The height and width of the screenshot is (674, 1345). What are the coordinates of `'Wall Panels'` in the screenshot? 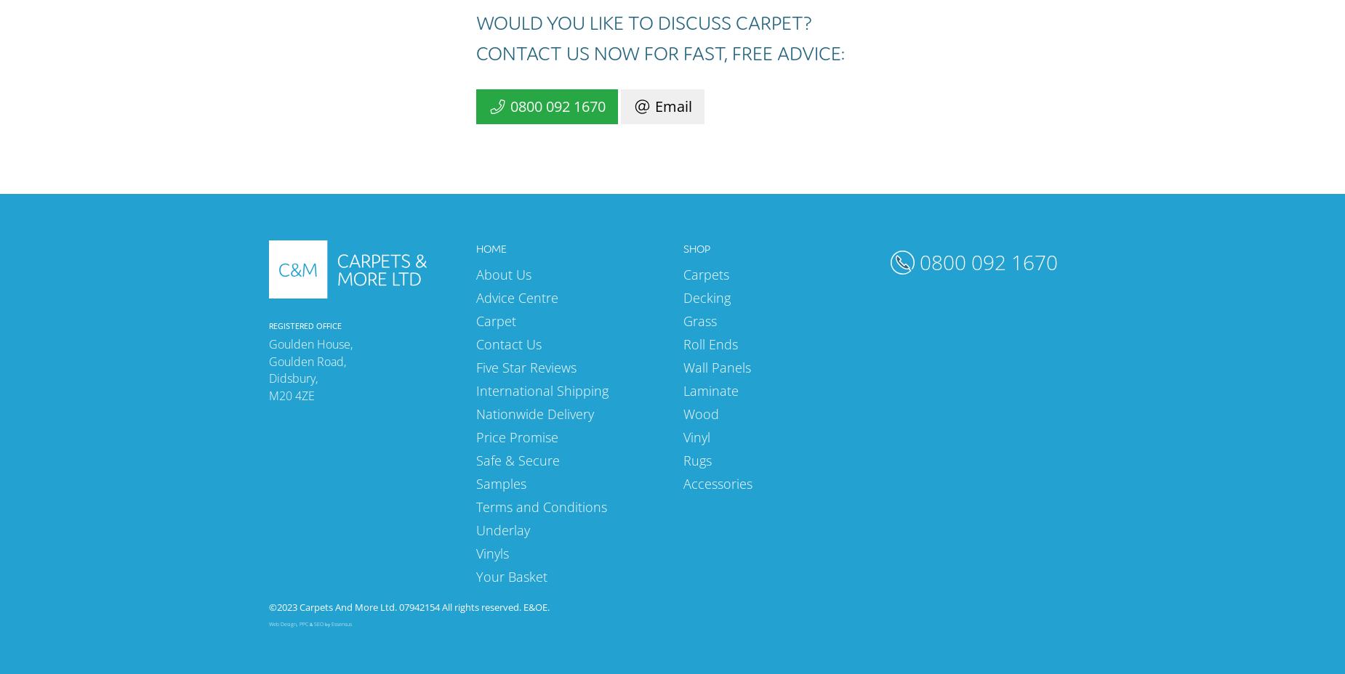 It's located at (716, 365).